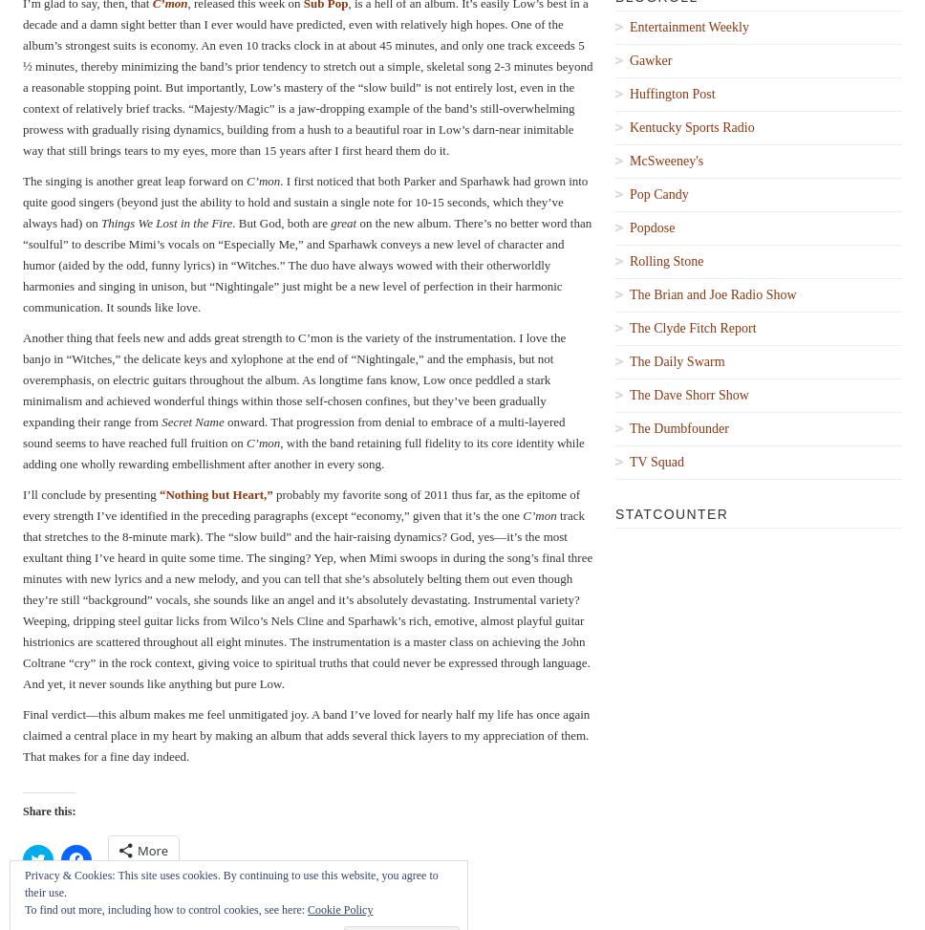 This screenshot has height=930, width=925. What do you see at coordinates (690, 126) in the screenshot?
I see `'Kentucky Sports Radio'` at bounding box center [690, 126].